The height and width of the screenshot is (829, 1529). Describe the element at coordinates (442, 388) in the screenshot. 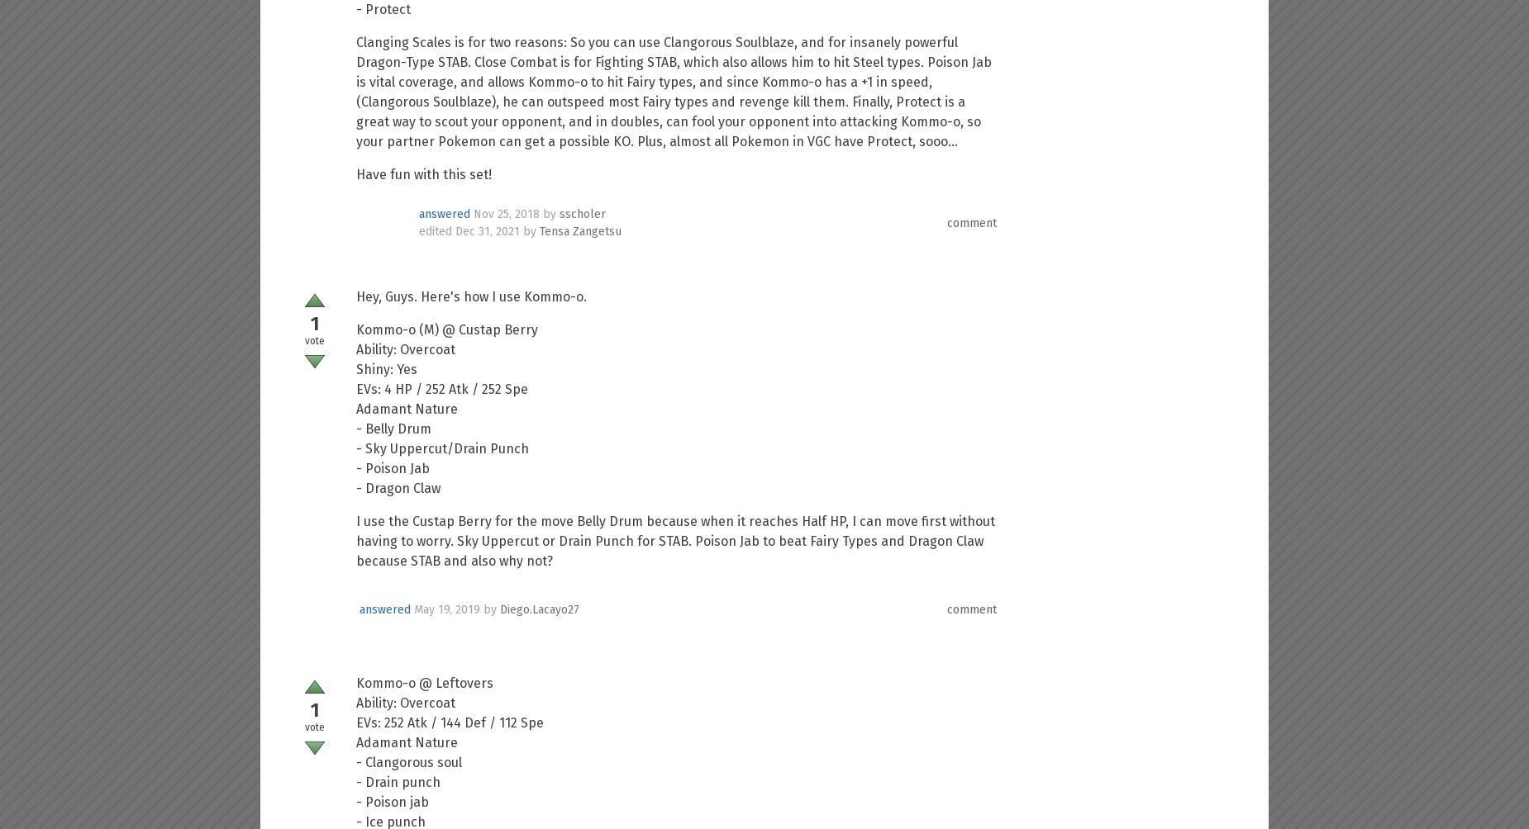

I see `'EVs: 4 HP / 252 Atk / 252 Spe'` at that location.